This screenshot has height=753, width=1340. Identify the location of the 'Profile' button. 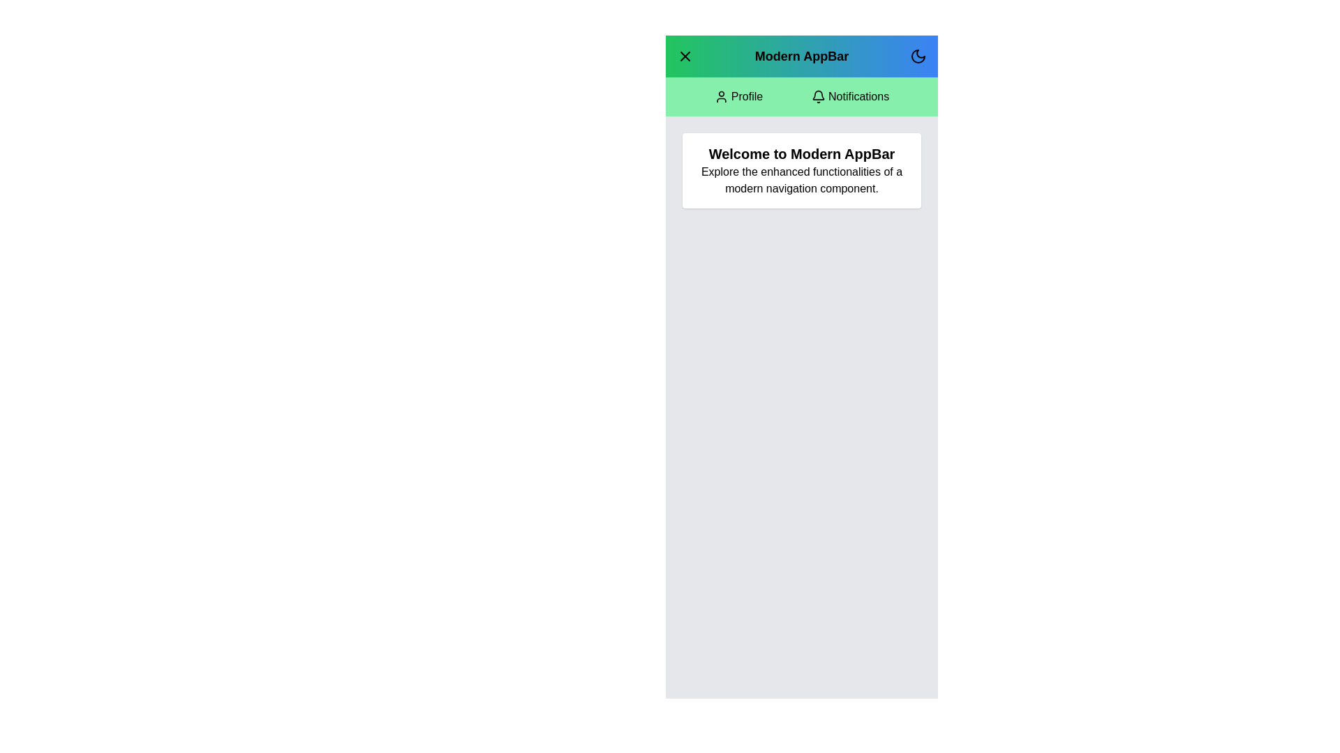
(737, 96).